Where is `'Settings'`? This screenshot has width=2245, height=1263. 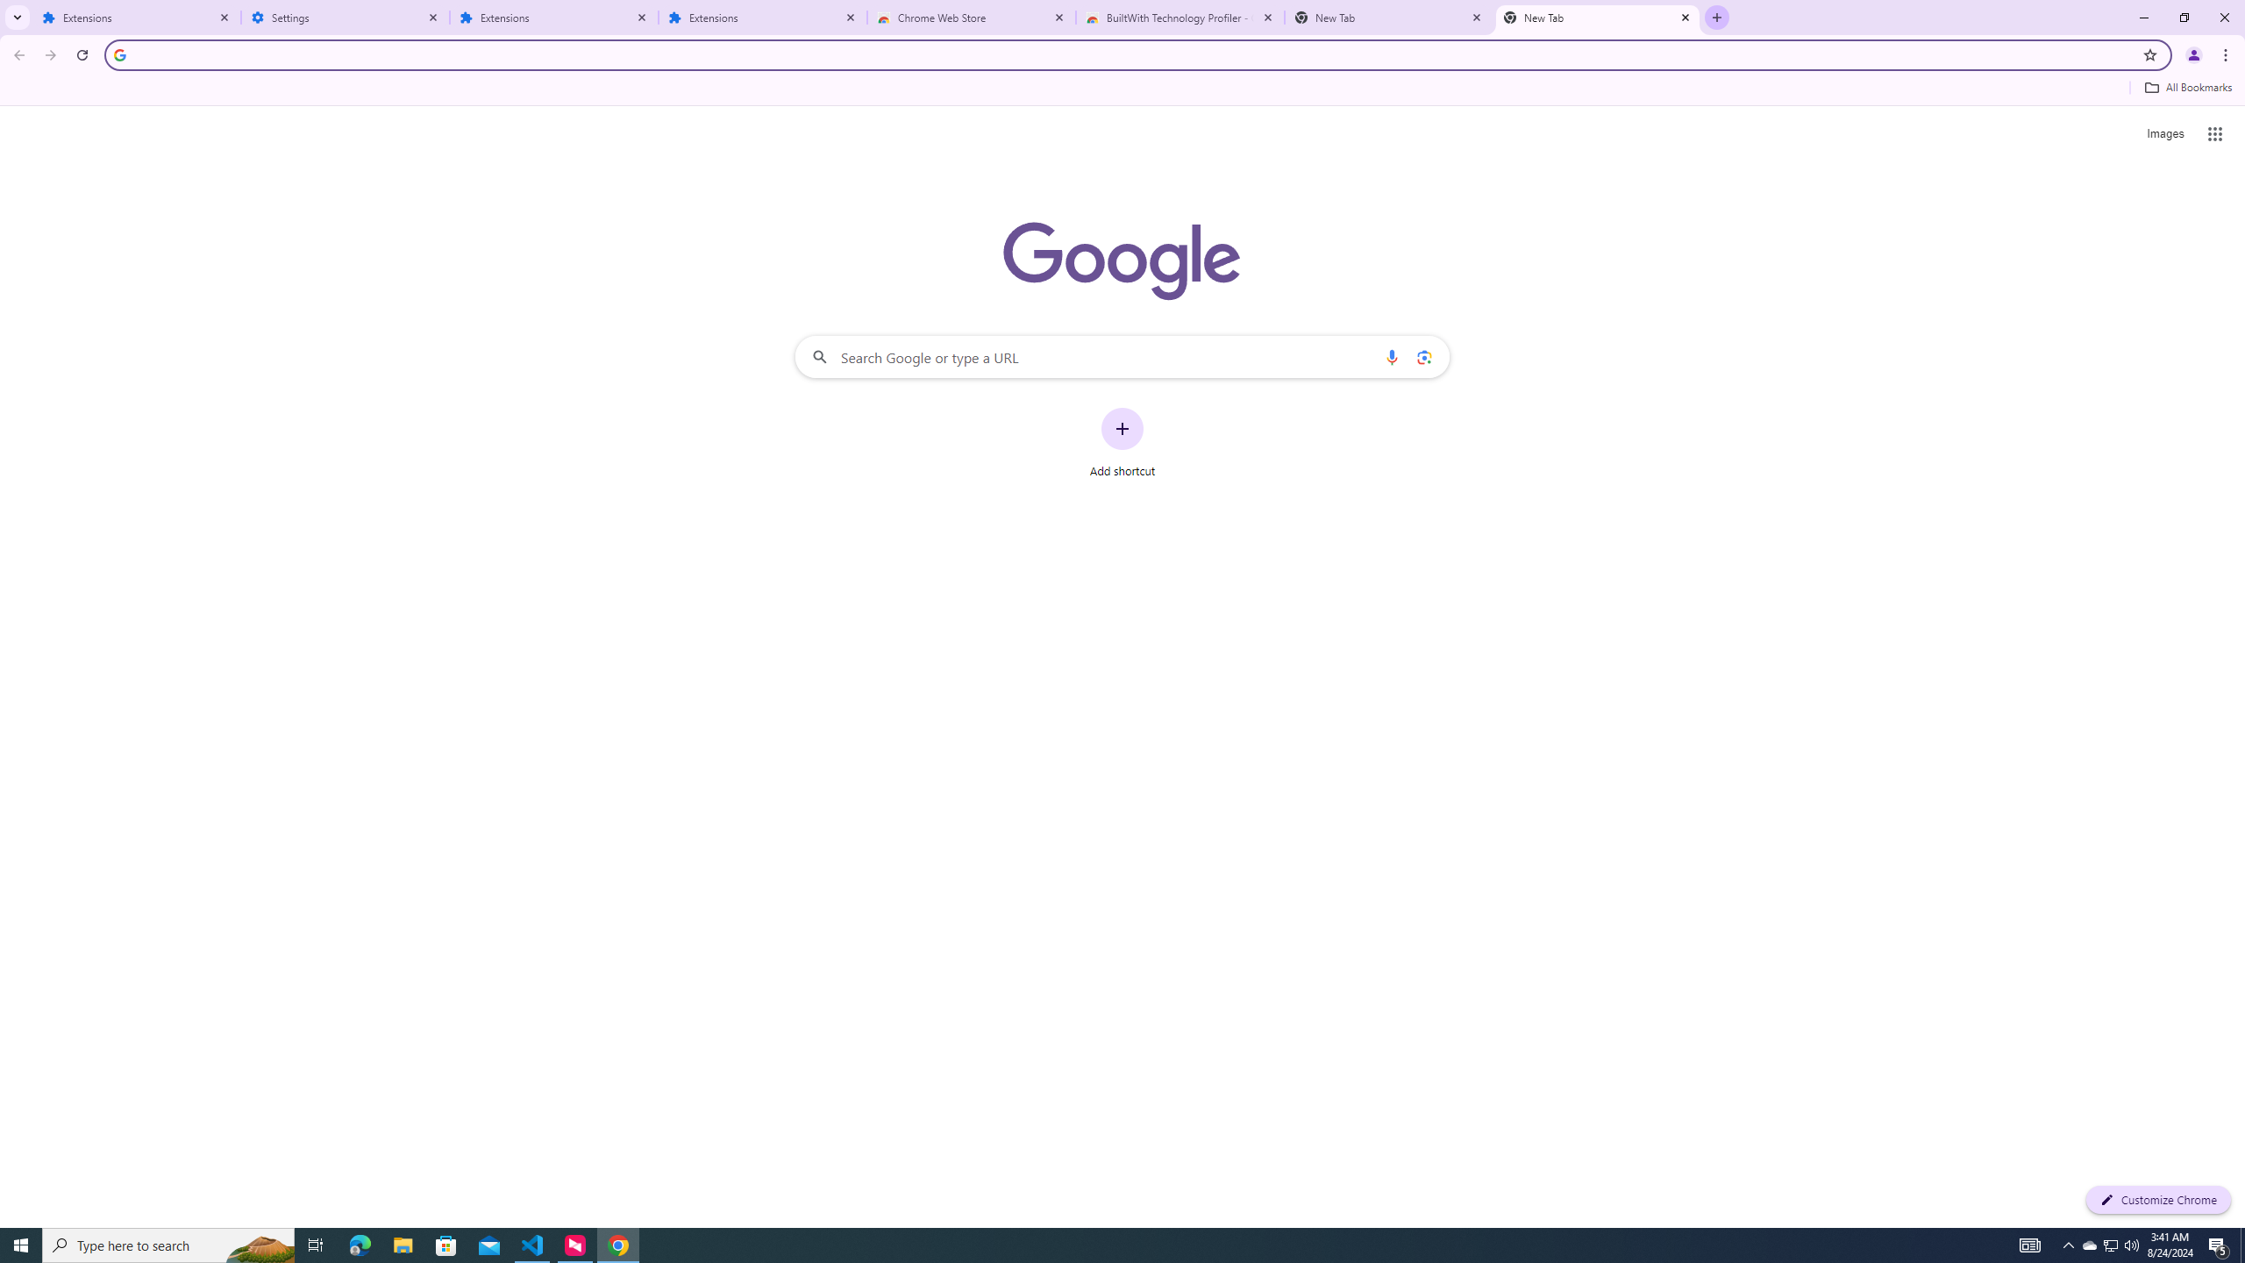
'Settings' is located at coordinates (346, 17).